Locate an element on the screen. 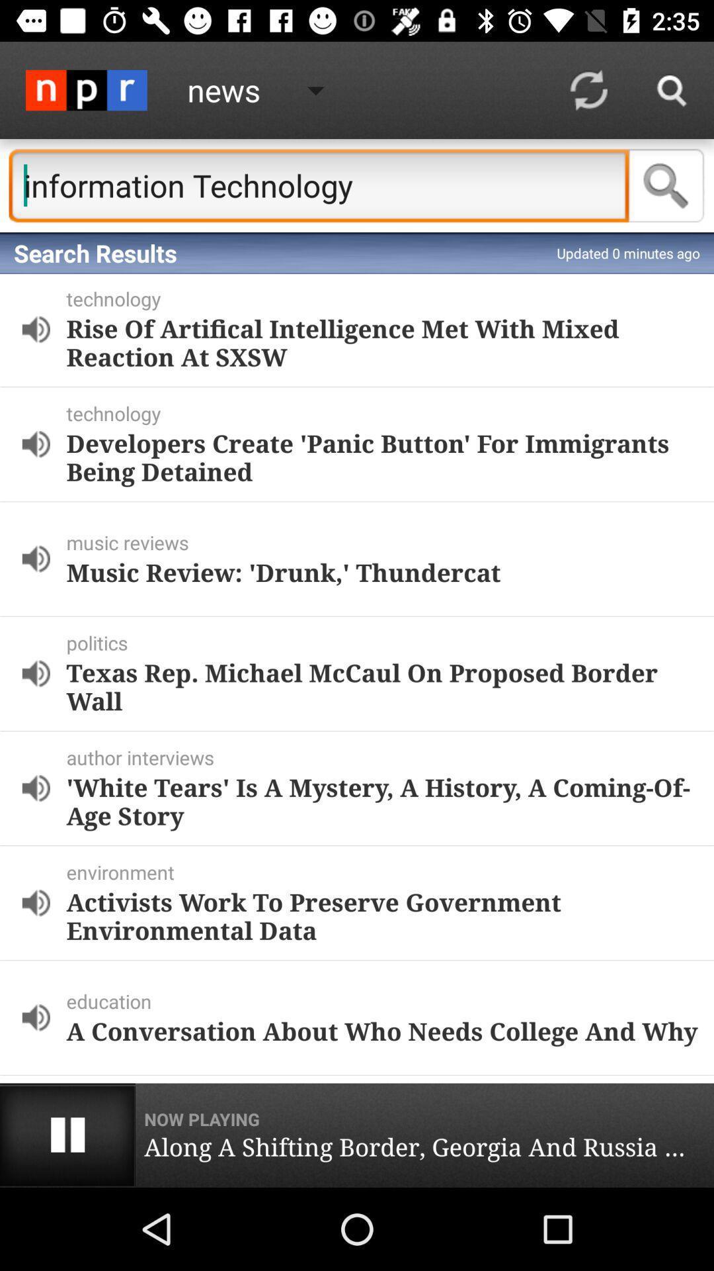 This screenshot has width=714, height=1271. item below the texas rep michael item is located at coordinates (387, 757).